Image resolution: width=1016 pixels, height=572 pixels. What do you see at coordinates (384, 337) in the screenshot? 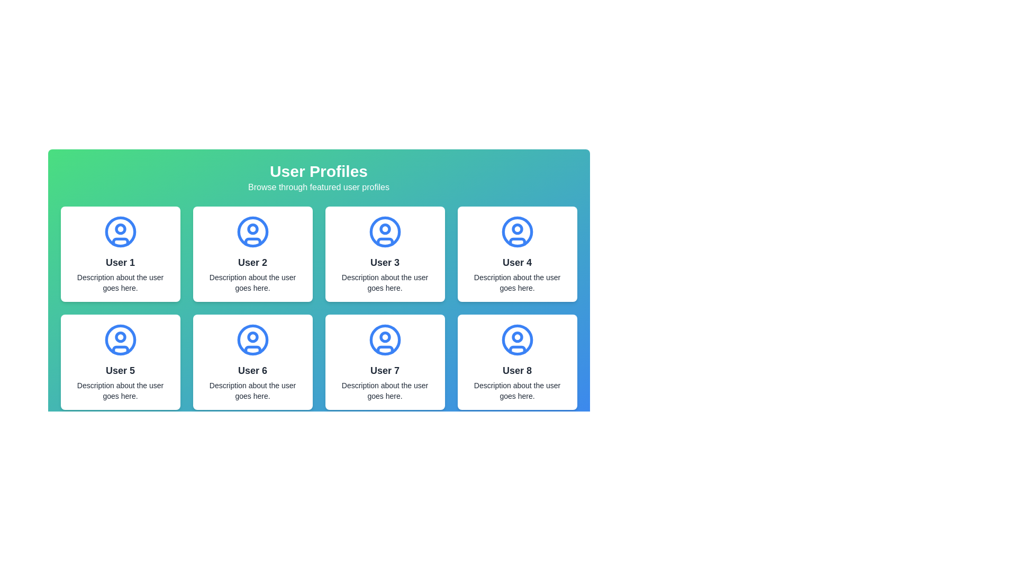
I see `the Decorative Circle (SVG Component) that represents the head of the profile icon for 'User 7'` at bounding box center [384, 337].